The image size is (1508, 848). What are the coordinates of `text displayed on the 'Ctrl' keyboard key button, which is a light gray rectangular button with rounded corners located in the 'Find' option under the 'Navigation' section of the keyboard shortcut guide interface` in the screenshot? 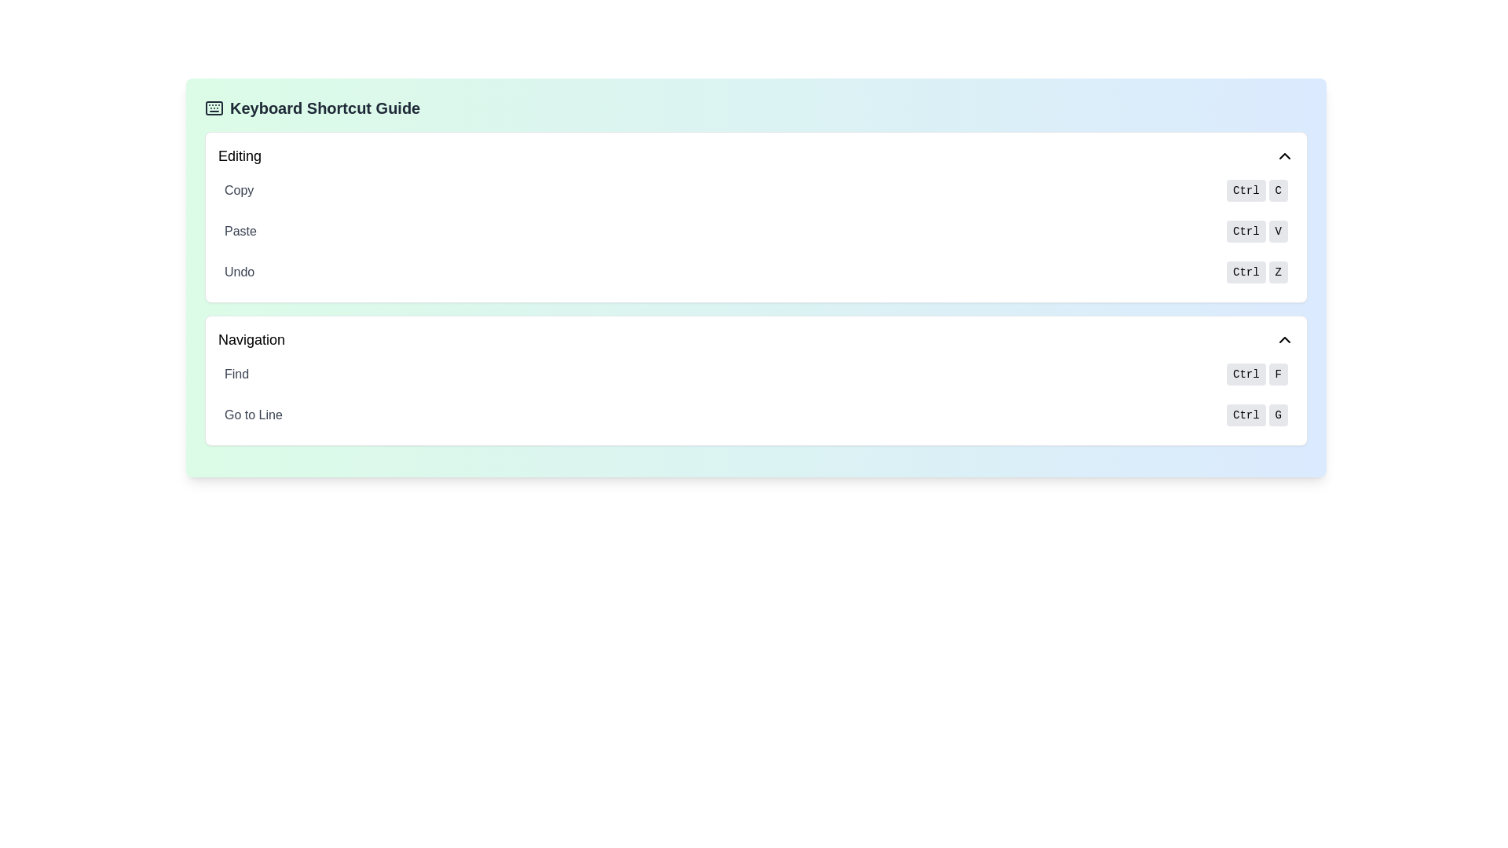 It's located at (1245, 375).